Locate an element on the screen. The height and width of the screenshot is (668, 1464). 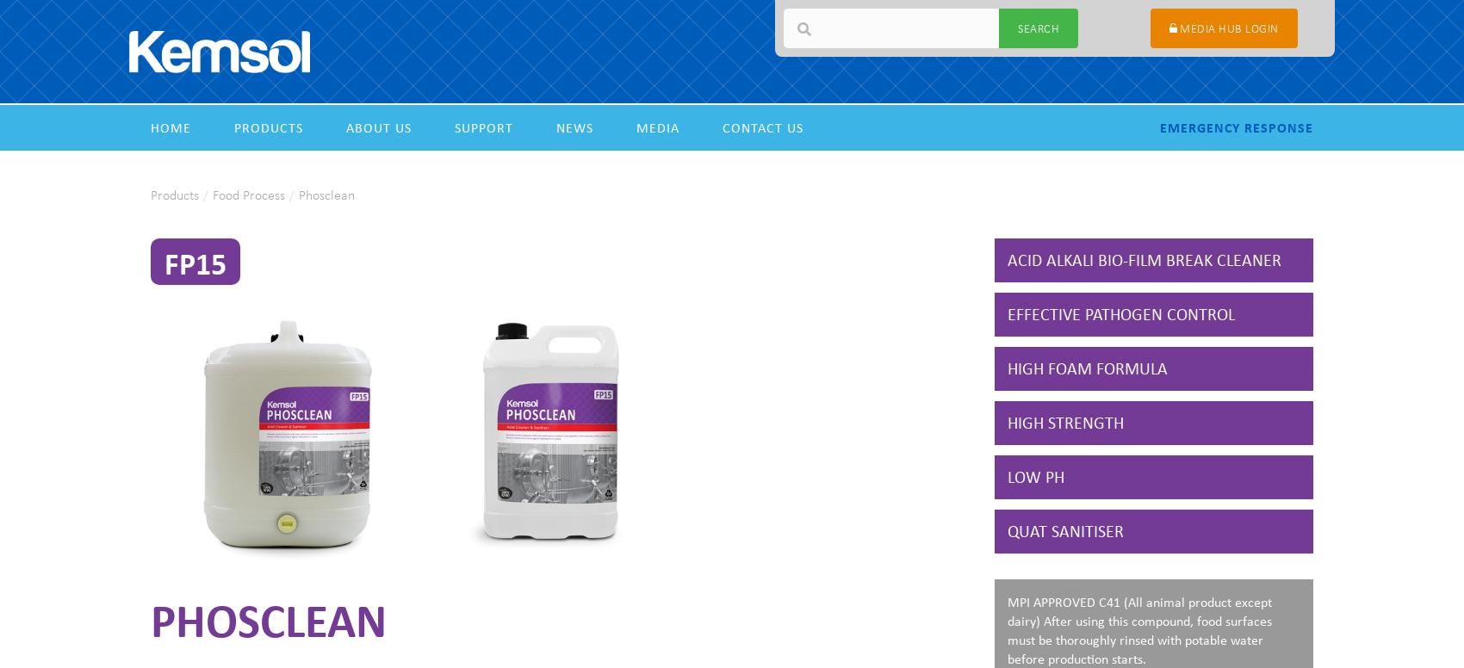
'News' is located at coordinates (574, 126).